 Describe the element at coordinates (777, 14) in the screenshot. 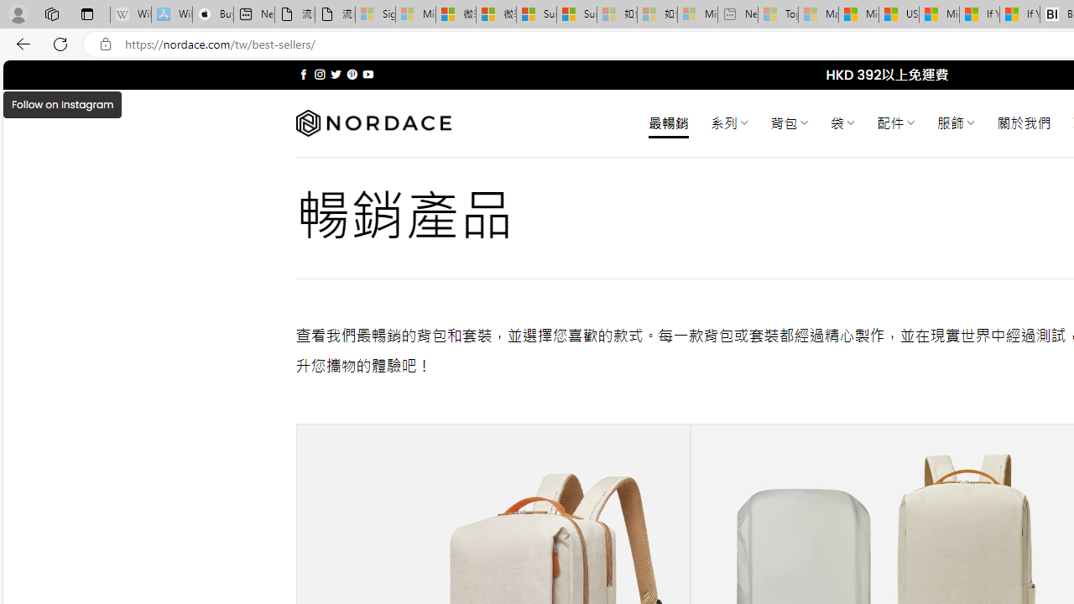

I see `'Top Stories - MSN - Sleeping'` at that location.